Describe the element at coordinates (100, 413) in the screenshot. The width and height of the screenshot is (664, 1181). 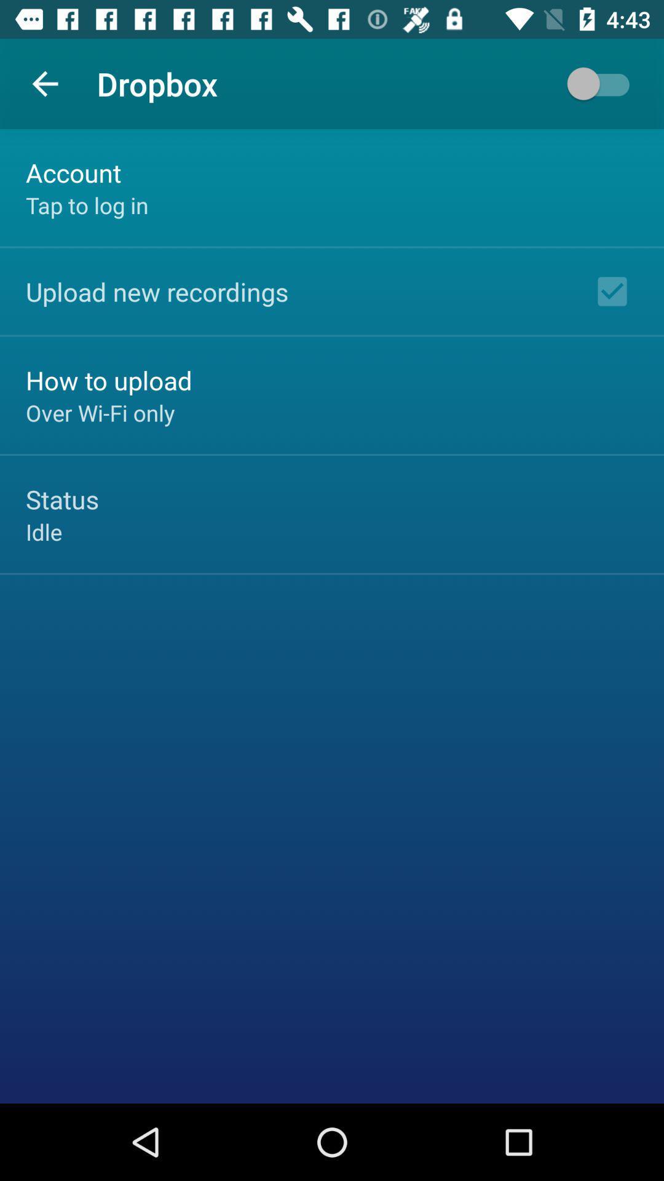
I see `the icon below the how to upload icon` at that location.